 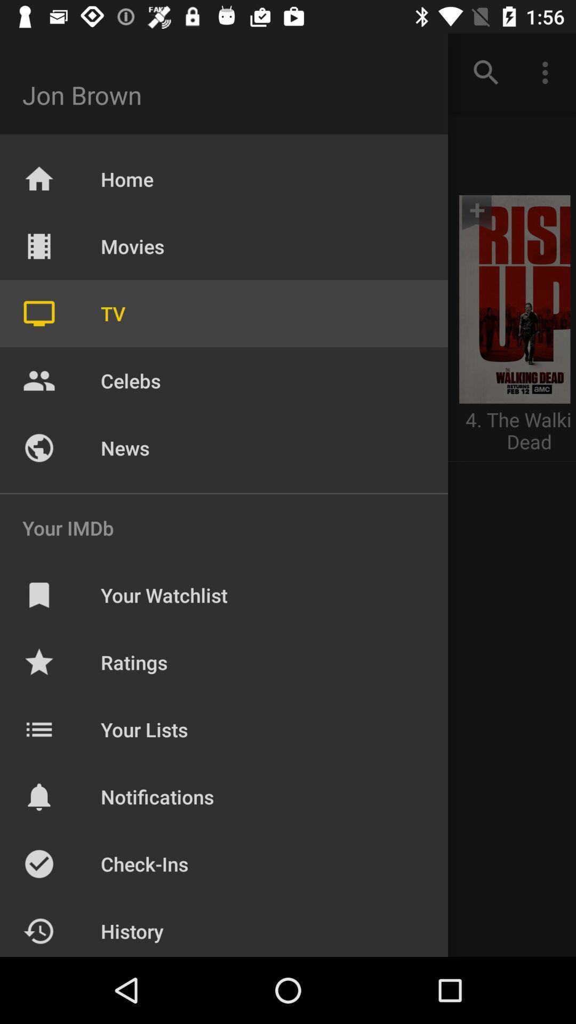 What do you see at coordinates (487, 222) in the screenshot?
I see `the bookmark icon` at bounding box center [487, 222].